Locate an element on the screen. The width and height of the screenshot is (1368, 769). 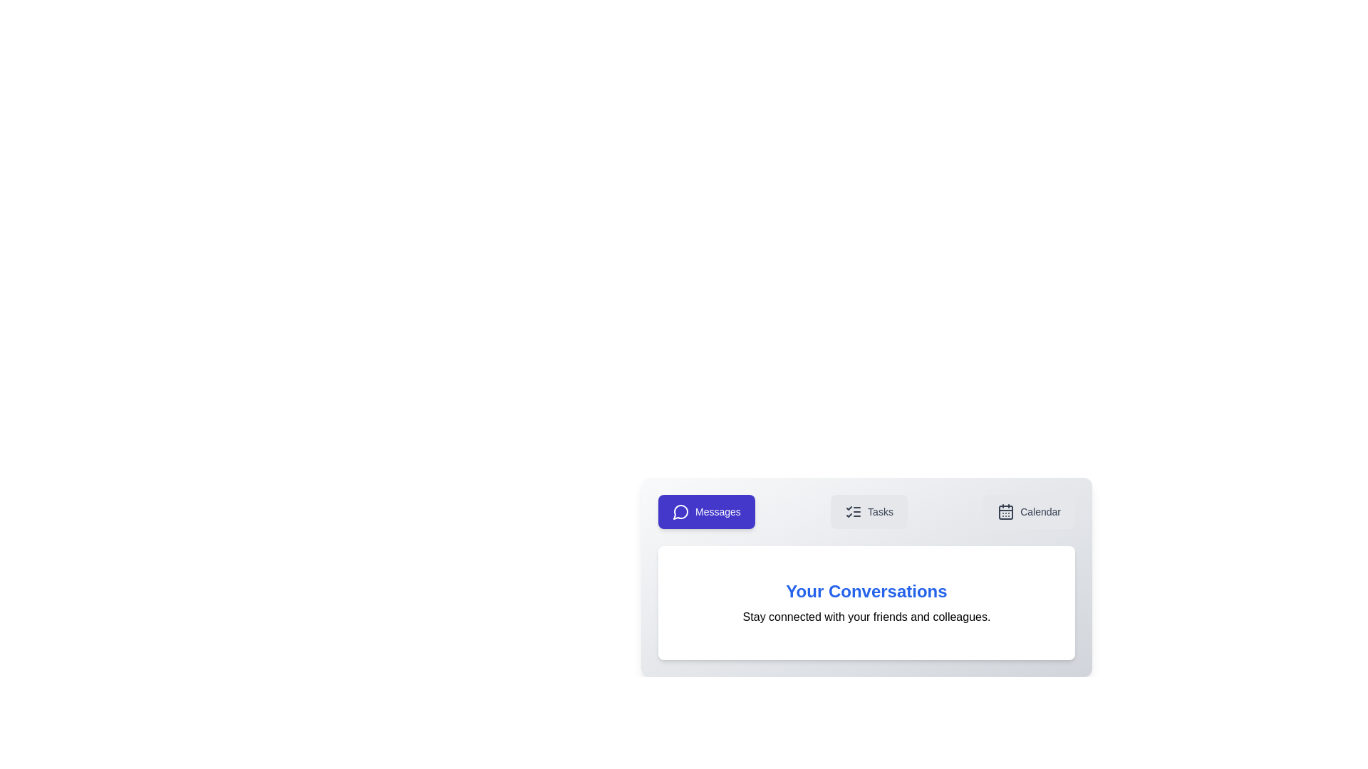
the Calendar tab is located at coordinates (1029, 511).